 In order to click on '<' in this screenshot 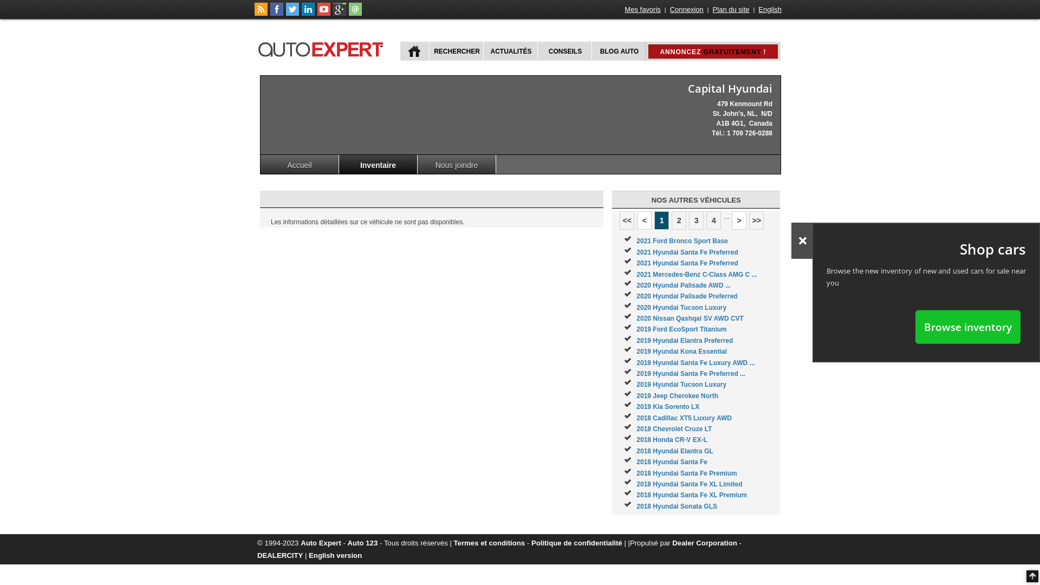, I will do `click(644, 220)`.